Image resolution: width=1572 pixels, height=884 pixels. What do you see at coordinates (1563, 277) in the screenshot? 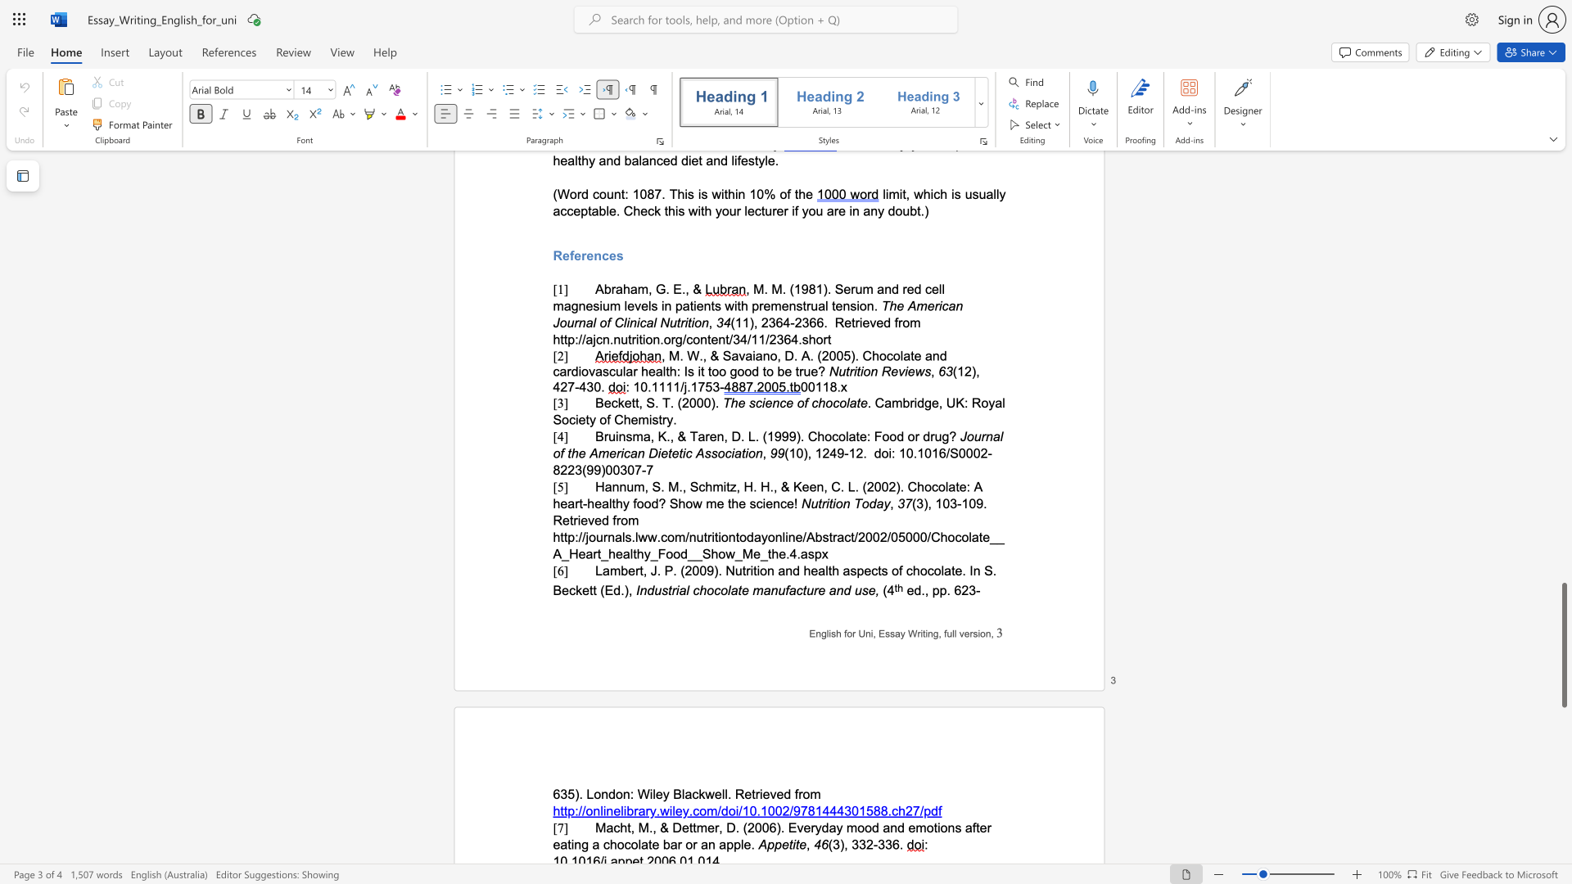
I see `the scrollbar on the right to shift the page higher` at bounding box center [1563, 277].